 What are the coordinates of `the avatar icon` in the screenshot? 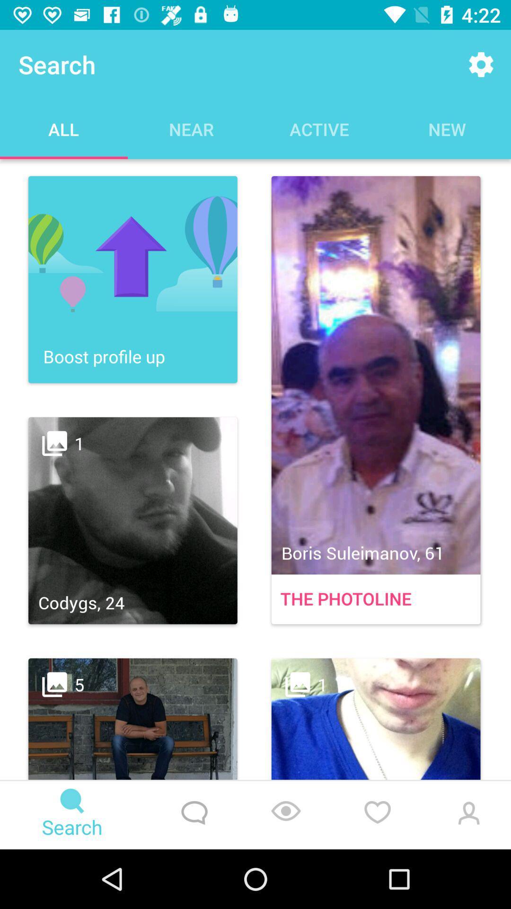 It's located at (467, 815).